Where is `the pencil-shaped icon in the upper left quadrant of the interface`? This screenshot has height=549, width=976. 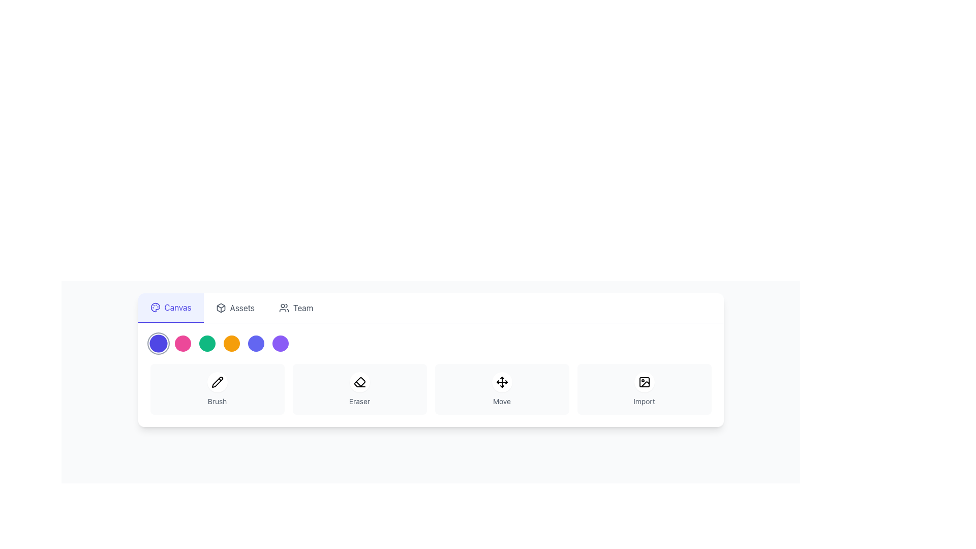
the pencil-shaped icon in the upper left quadrant of the interface is located at coordinates (217, 382).